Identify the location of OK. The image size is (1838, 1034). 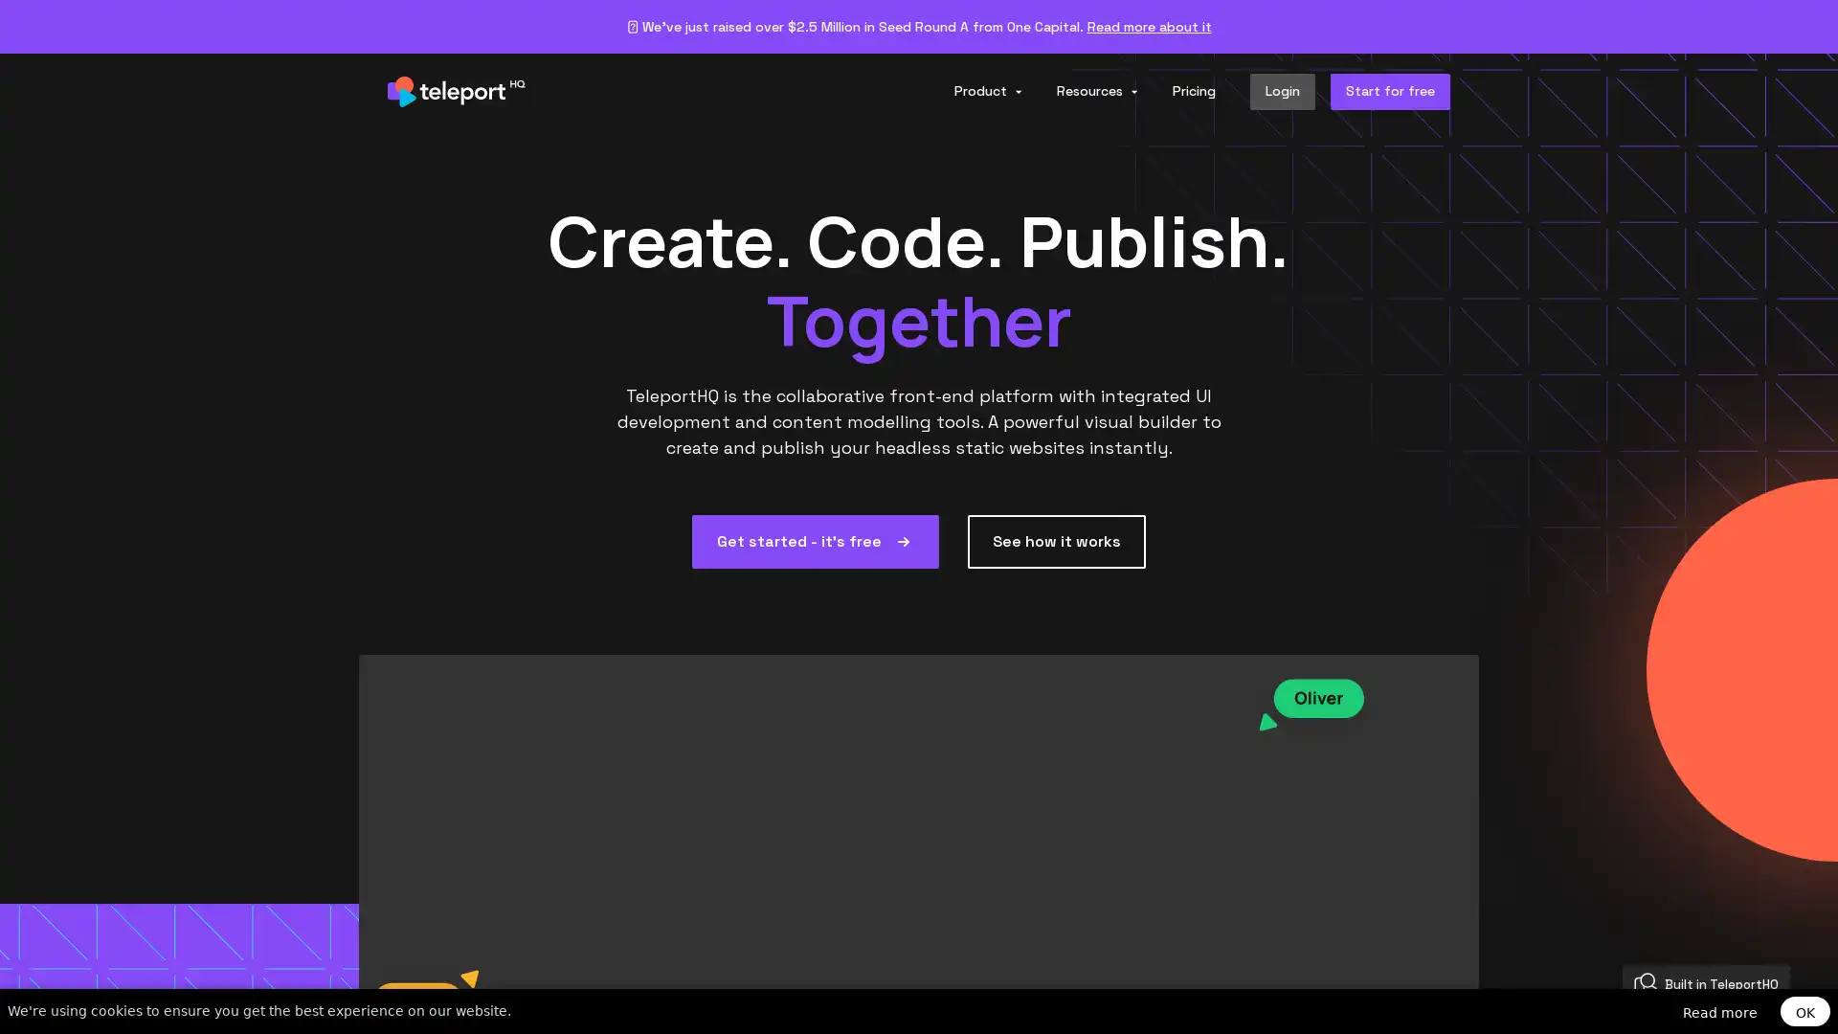
(1804, 1010).